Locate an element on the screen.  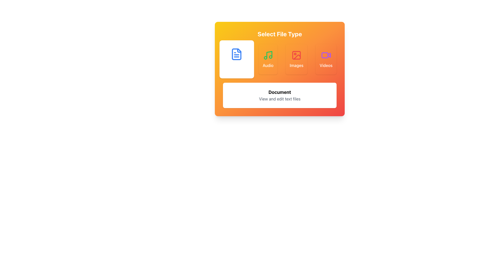
the composite UI element for selecting a file type is located at coordinates (280, 69).